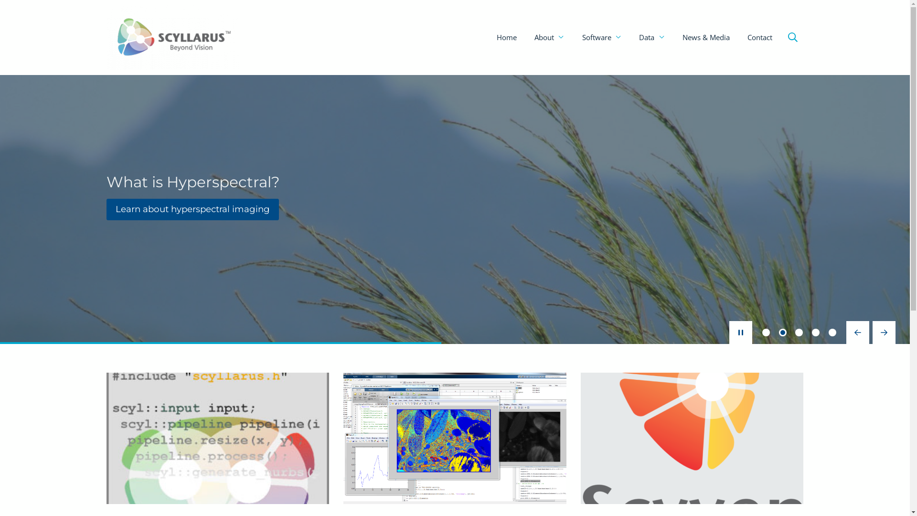  What do you see at coordinates (759, 37) in the screenshot?
I see `'Contact'` at bounding box center [759, 37].